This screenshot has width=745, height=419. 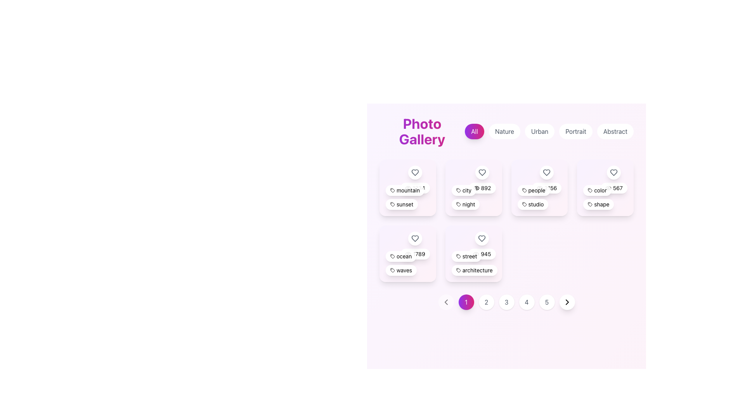 I want to click on the heart icon button located in the center of the first card in the grid, representing the 'mountain' category, so click(x=414, y=172).